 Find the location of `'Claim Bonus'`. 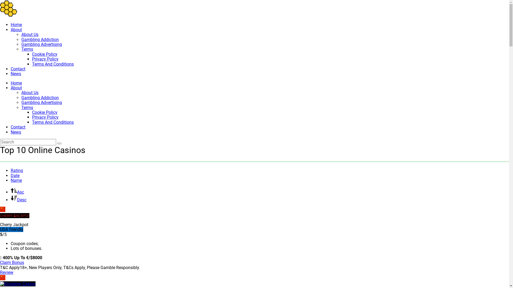

'Claim Bonus' is located at coordinates (0, 262).